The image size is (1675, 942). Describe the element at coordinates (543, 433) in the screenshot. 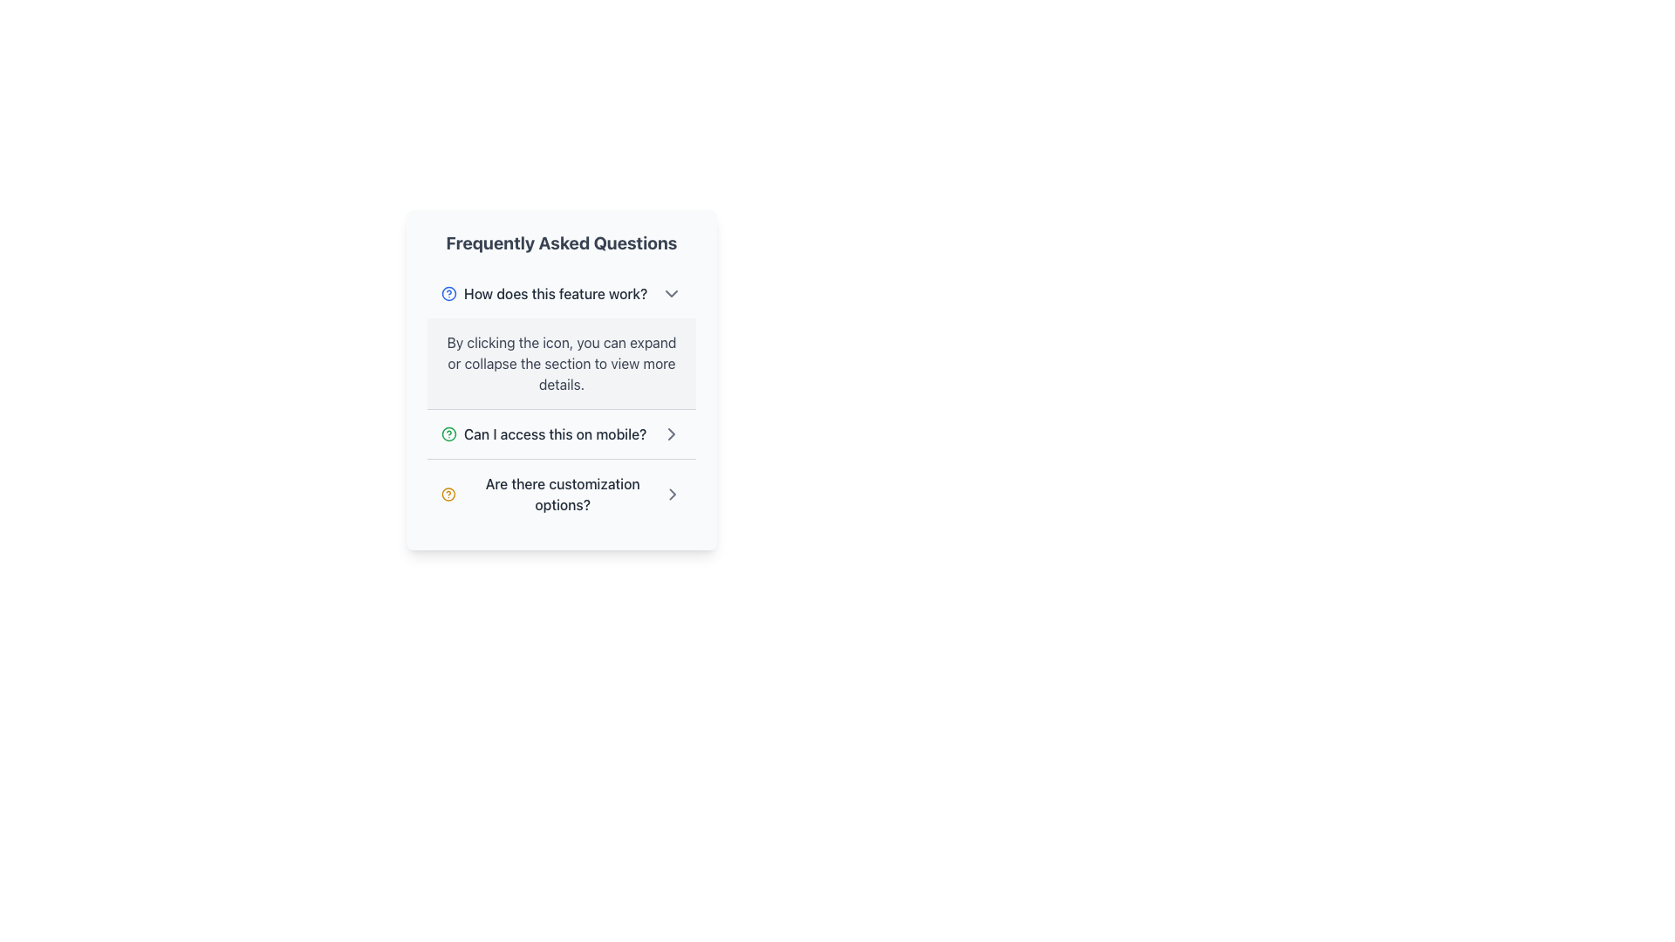

I see `the second question in the FAQ section that allows users` at that location.